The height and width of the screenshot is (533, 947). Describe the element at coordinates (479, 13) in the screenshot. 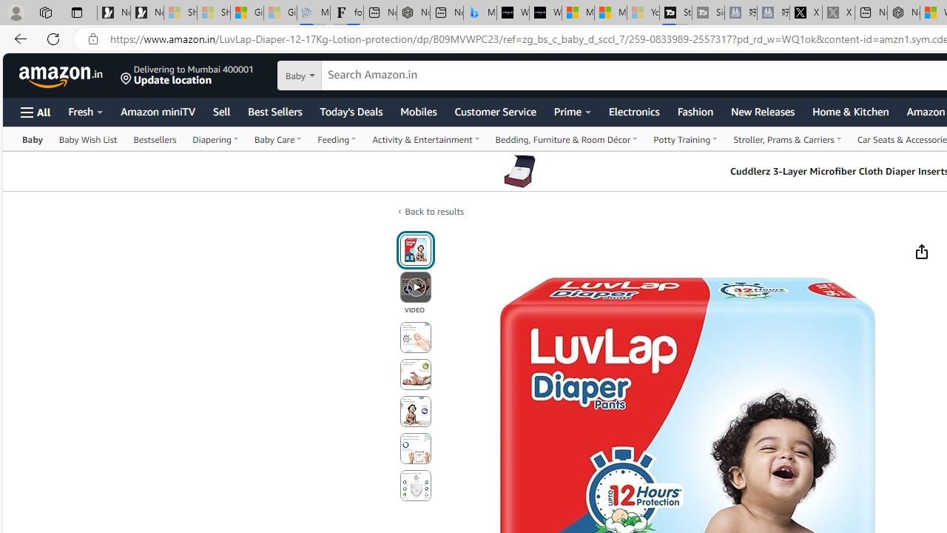

I see `'Microsoft Bing Travel - Shangri-La Hotel Bangkok'` at that location.